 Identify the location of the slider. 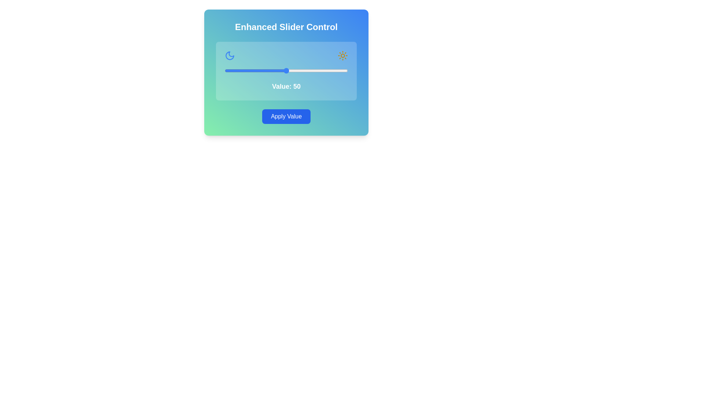
(328, 70).